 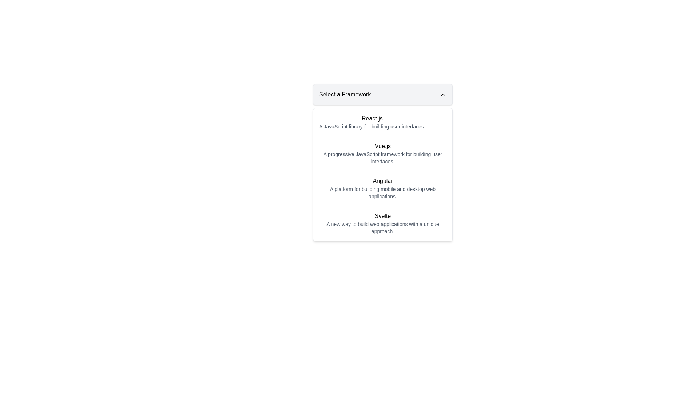 What do you see at coordinates (382, 174) in the screenshot?
I see `the third option 'Angular' in the dropdown-style menu located beneath the header 'Select a Framework'` at bounding box center [382, 174].